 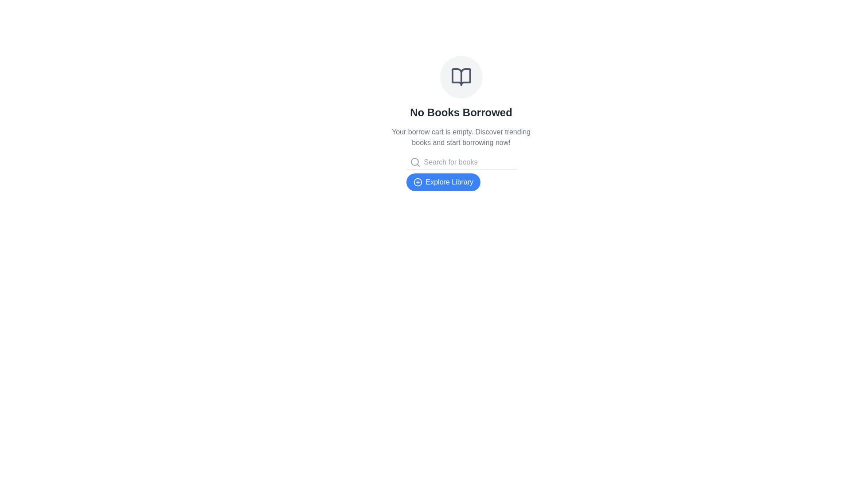 I want to click on the text input field styled as a search bar, which has the placeholder text 'Search for books', to focus on it, so click(x=468, y=162).